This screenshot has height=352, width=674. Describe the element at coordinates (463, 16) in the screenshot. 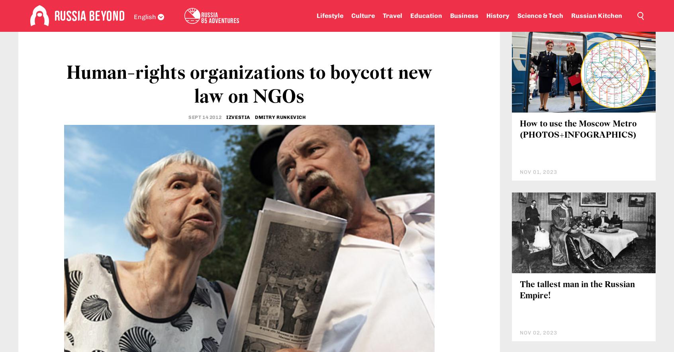

I see `'Business'` at that location.